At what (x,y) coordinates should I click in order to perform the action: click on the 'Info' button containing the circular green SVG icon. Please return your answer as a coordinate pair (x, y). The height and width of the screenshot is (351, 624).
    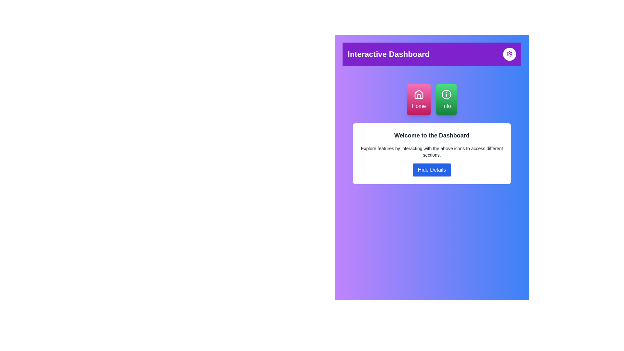
    Looking at the image, I should click on (446, 94).